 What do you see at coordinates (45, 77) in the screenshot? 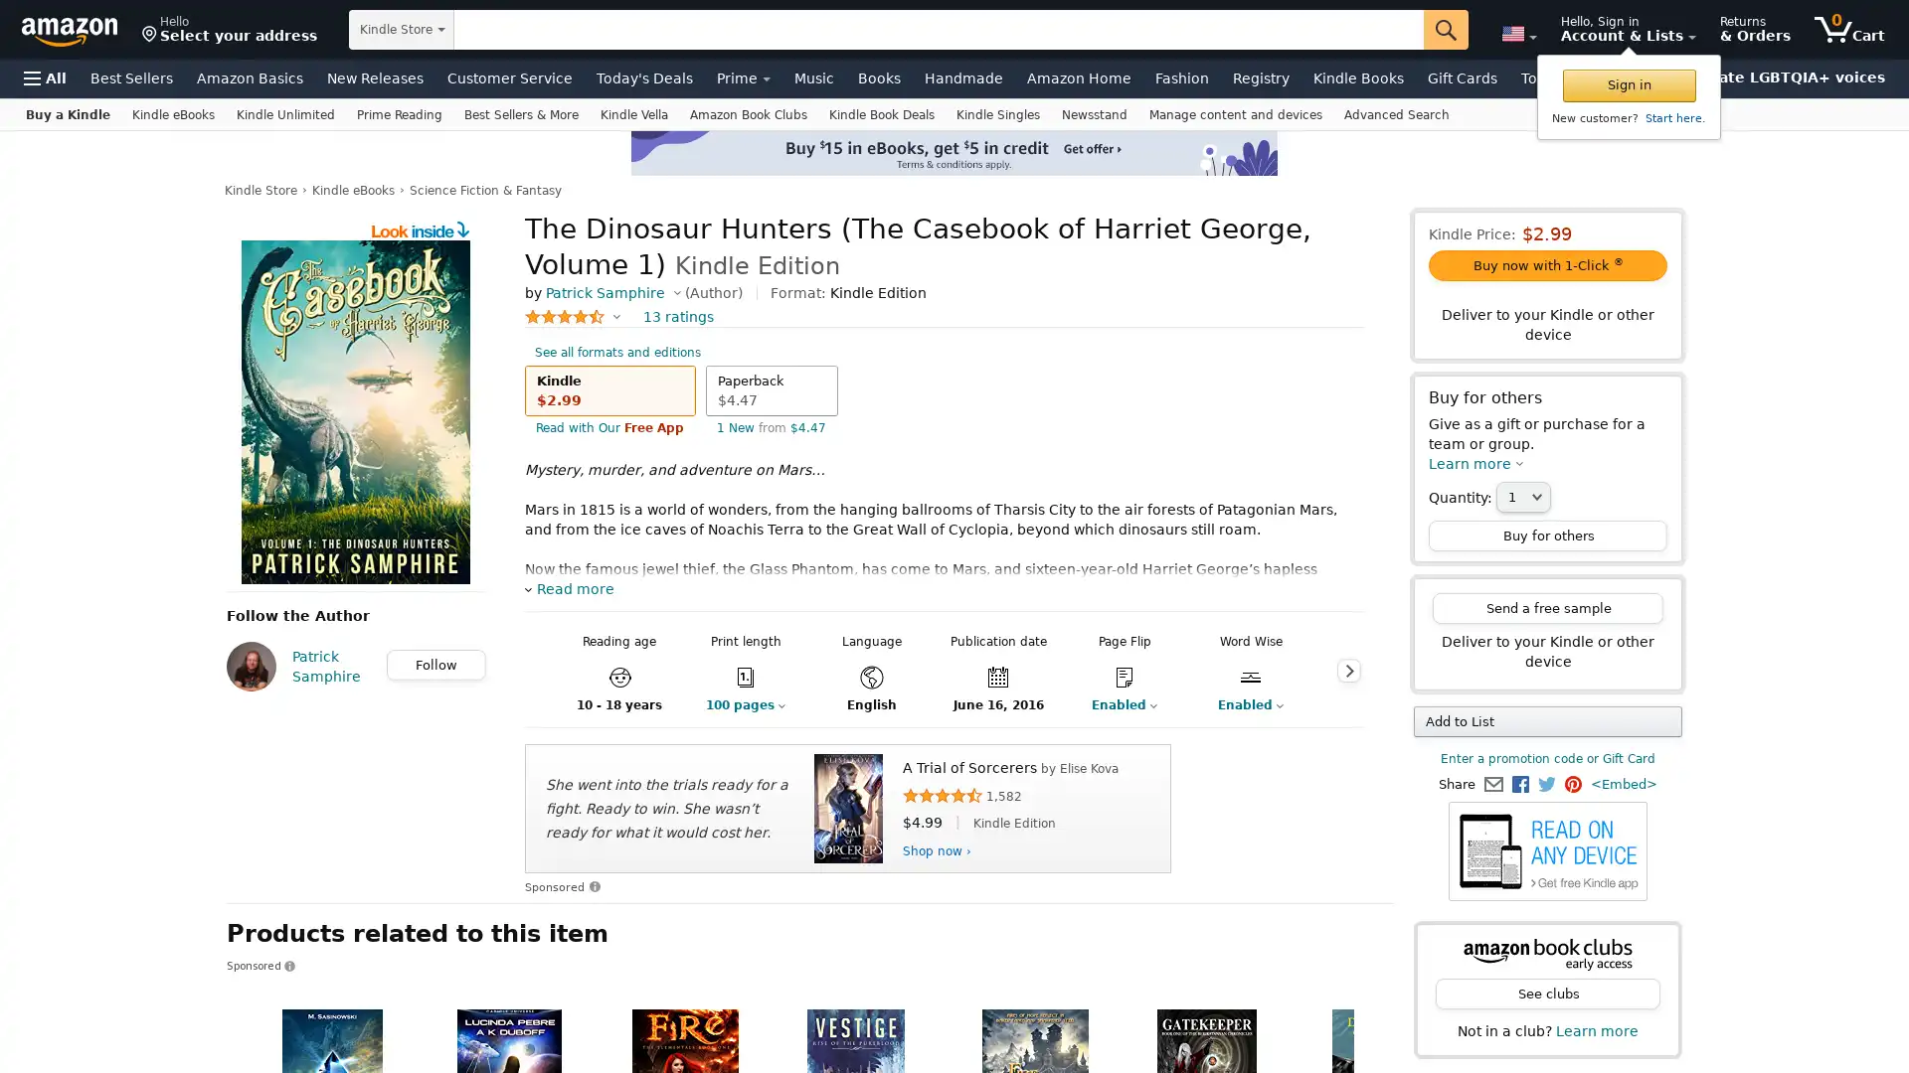
I see `Open Menu` at bounding box center [45, 77].